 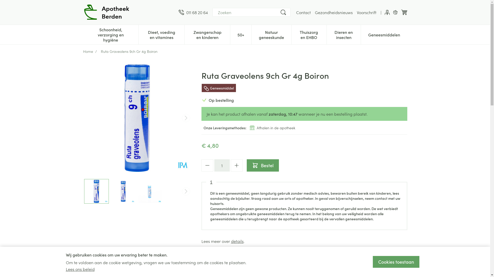 I want to click on '011 68 20 64', so click(x=193, y=12).